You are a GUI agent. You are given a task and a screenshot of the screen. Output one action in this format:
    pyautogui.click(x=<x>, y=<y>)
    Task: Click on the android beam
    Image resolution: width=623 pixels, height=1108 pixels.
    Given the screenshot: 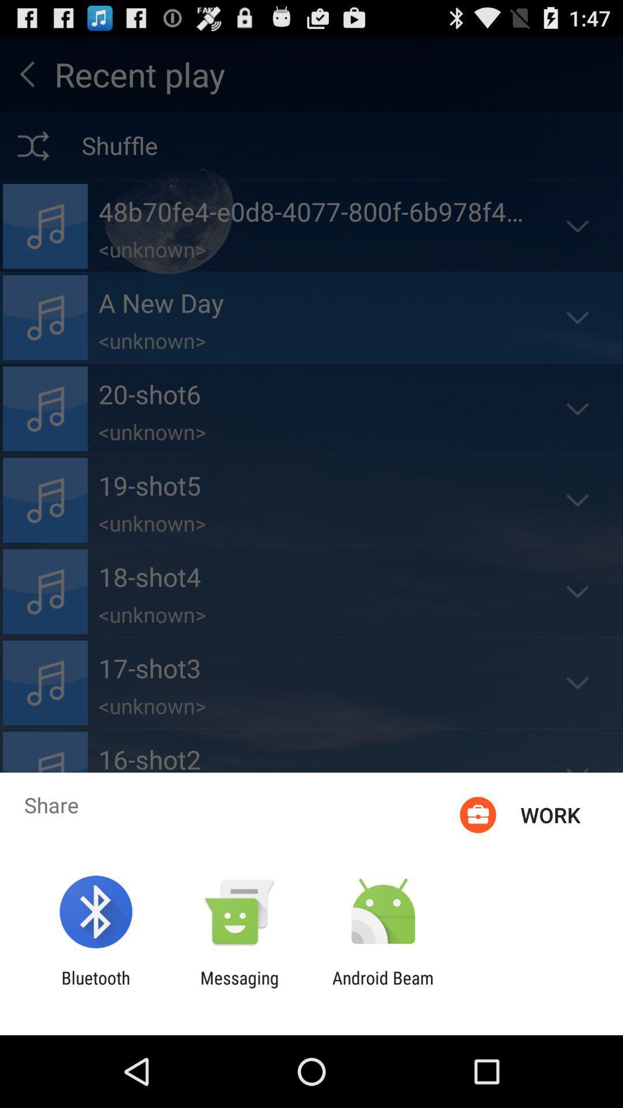 What is the action you would take?
    pyautogui.click(x=383, y=987)
    